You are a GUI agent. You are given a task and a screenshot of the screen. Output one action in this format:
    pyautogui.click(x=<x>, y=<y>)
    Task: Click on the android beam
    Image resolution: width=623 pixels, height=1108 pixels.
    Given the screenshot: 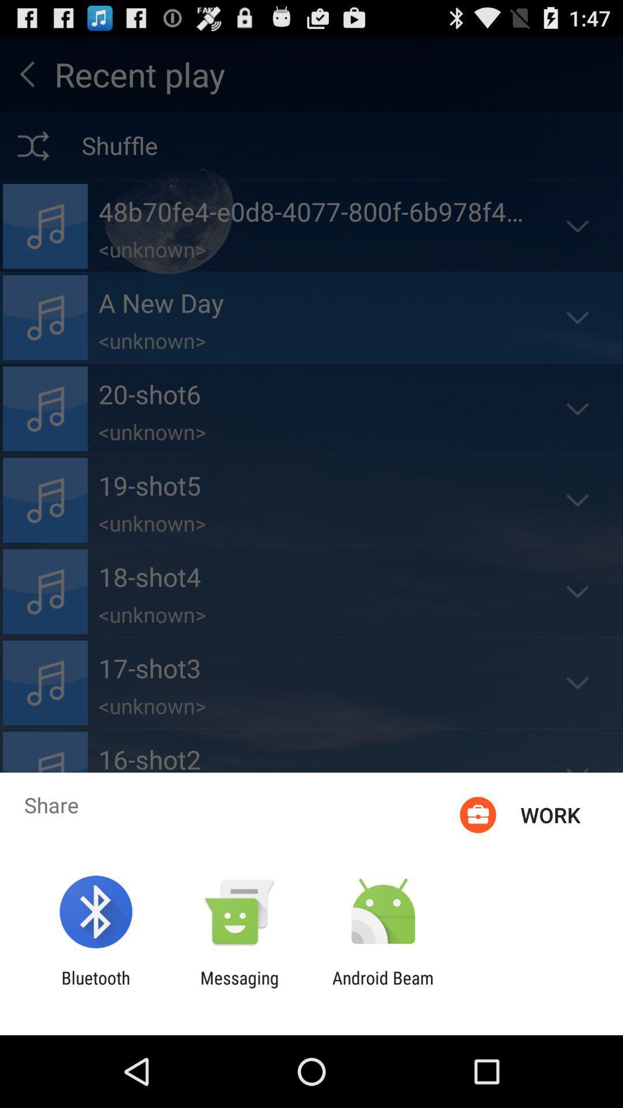 What is the action you would take?
    pyautogui.click(x=383, y=987)
    